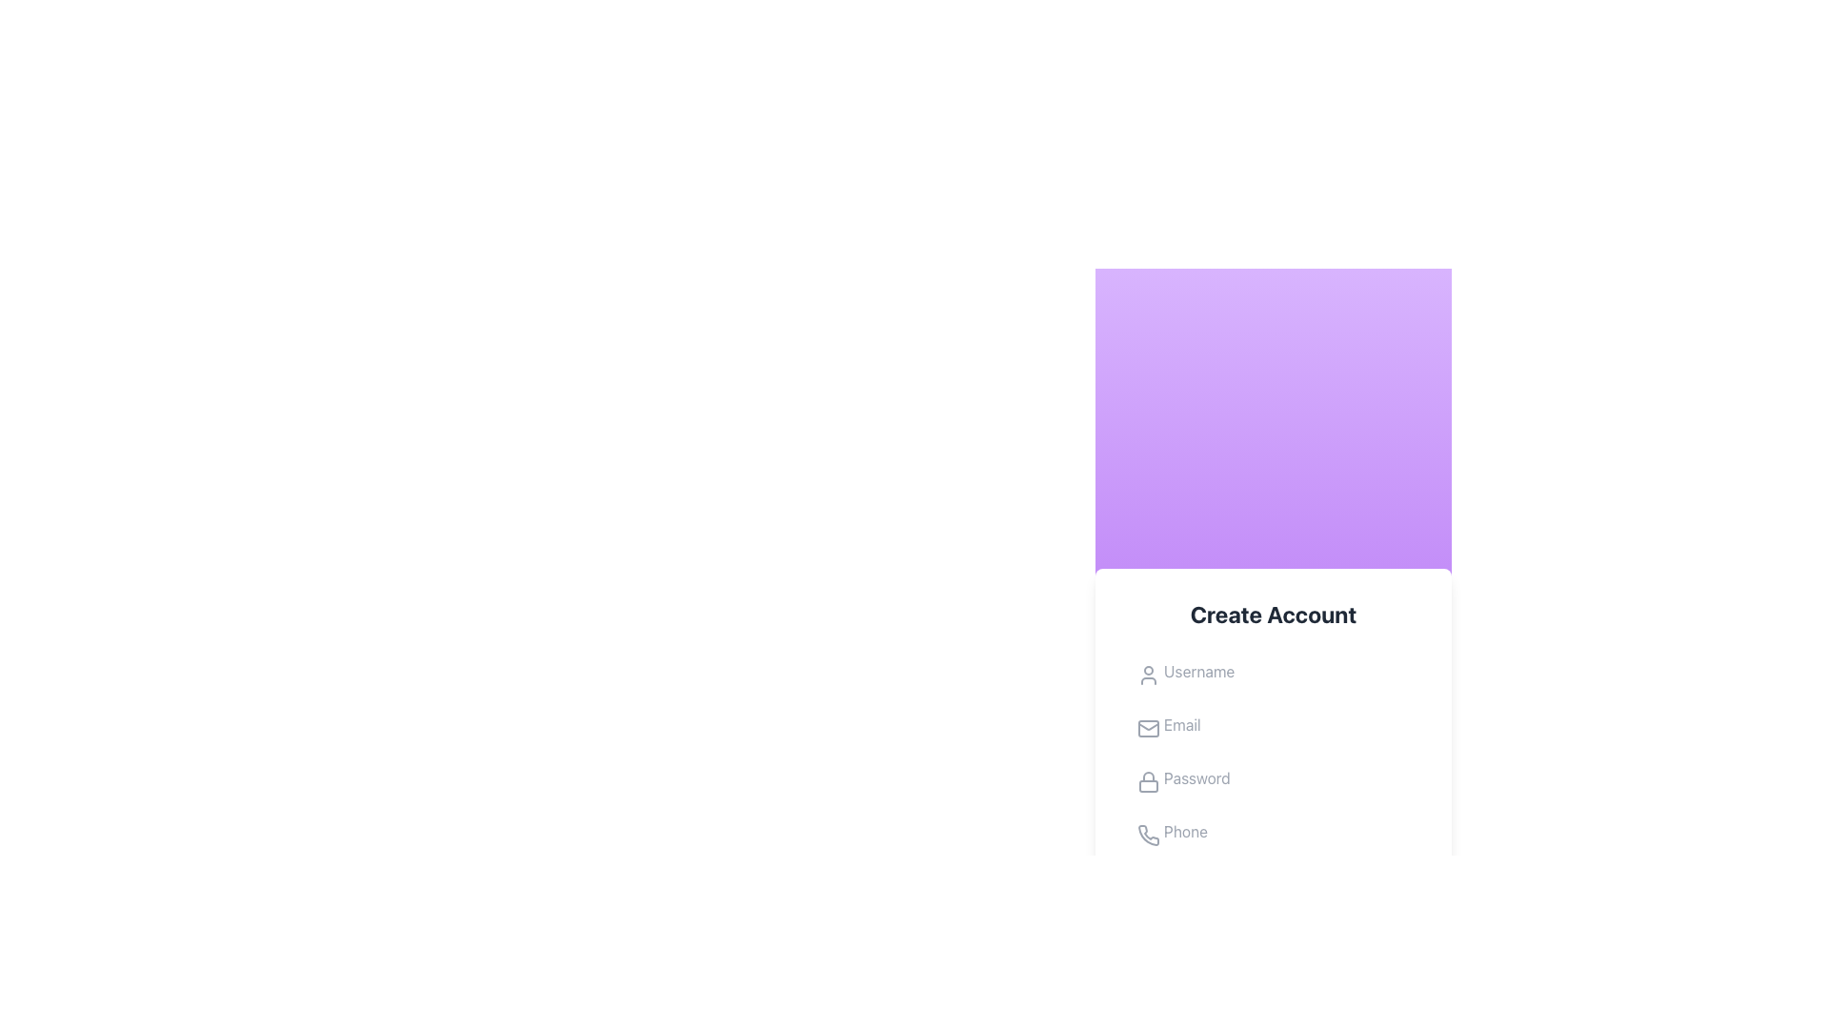  What do you see at coordinates (1147, 776) in the screenshot?
I see `the decorative security icon located adjacent to the 'Password' input field in the form` at bounding box center [1147, 776].